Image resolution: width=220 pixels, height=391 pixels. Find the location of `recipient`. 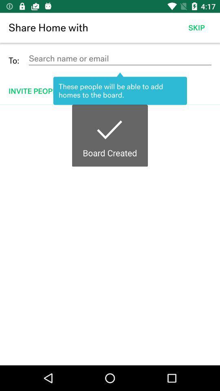

recipient is located at coordinates (119, 58).